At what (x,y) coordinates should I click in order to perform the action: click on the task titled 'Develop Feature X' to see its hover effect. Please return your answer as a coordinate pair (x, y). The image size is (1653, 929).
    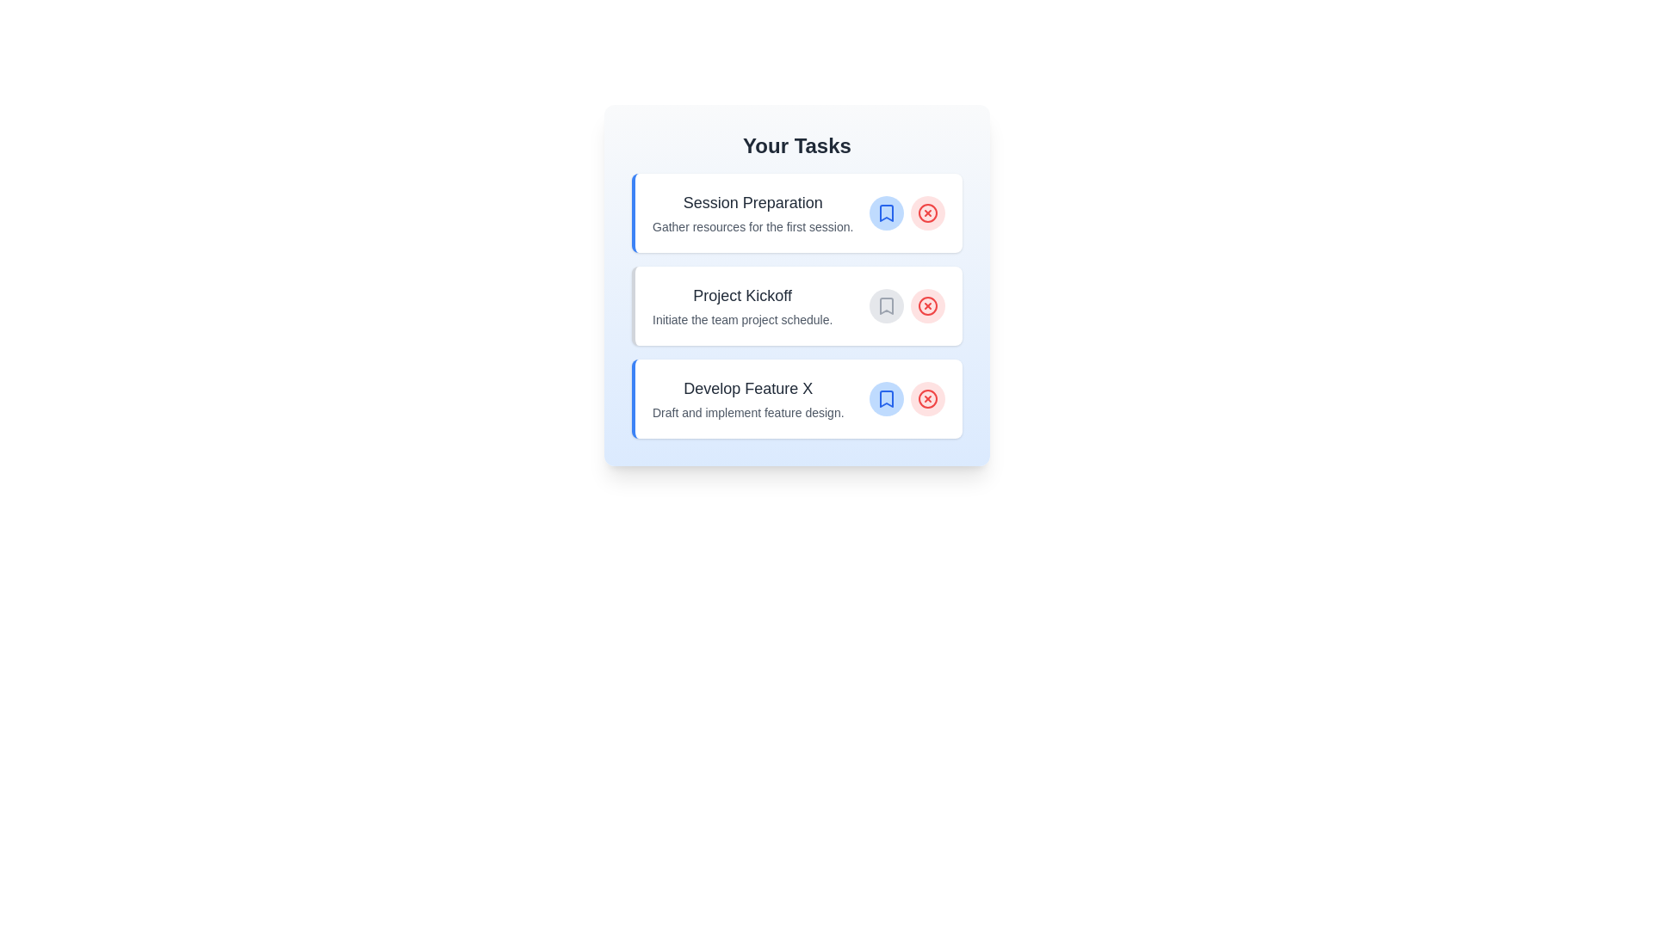
    Looking at the image, I should click on (796, 398).